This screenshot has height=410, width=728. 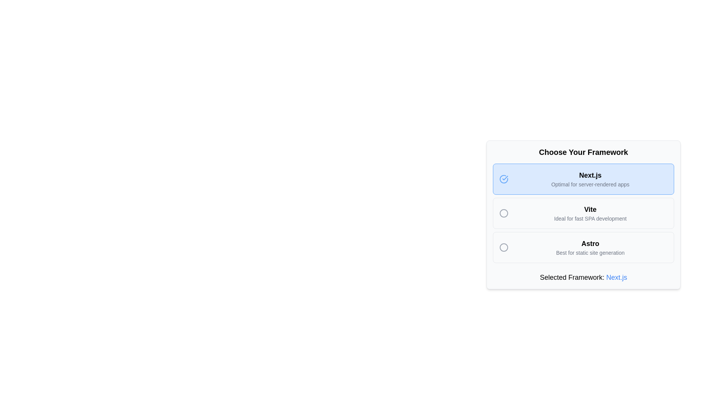 I want to click on text description element displaying 'Best for static site generation' located beneath the 'Astro' option in the framework selection interface, so click(x=590, y=253).